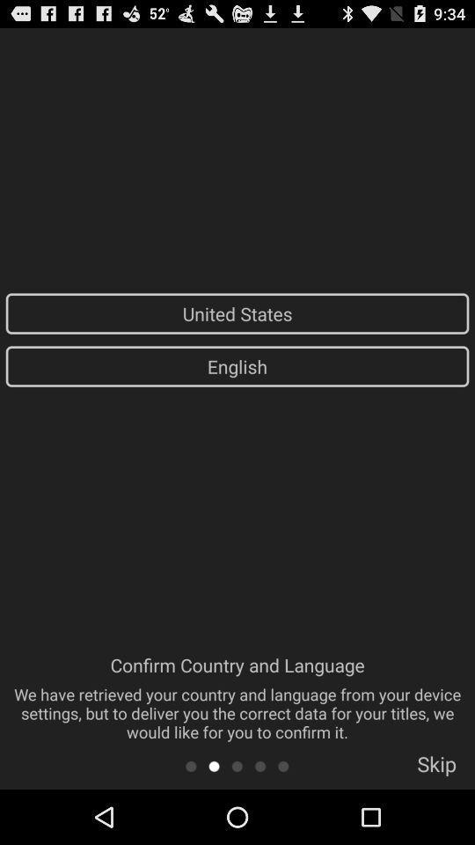 The height and width of the screenshot is (845, 475). Describe the element at coordinates (214, 765) in the screenshot. I see `next page` at that location.